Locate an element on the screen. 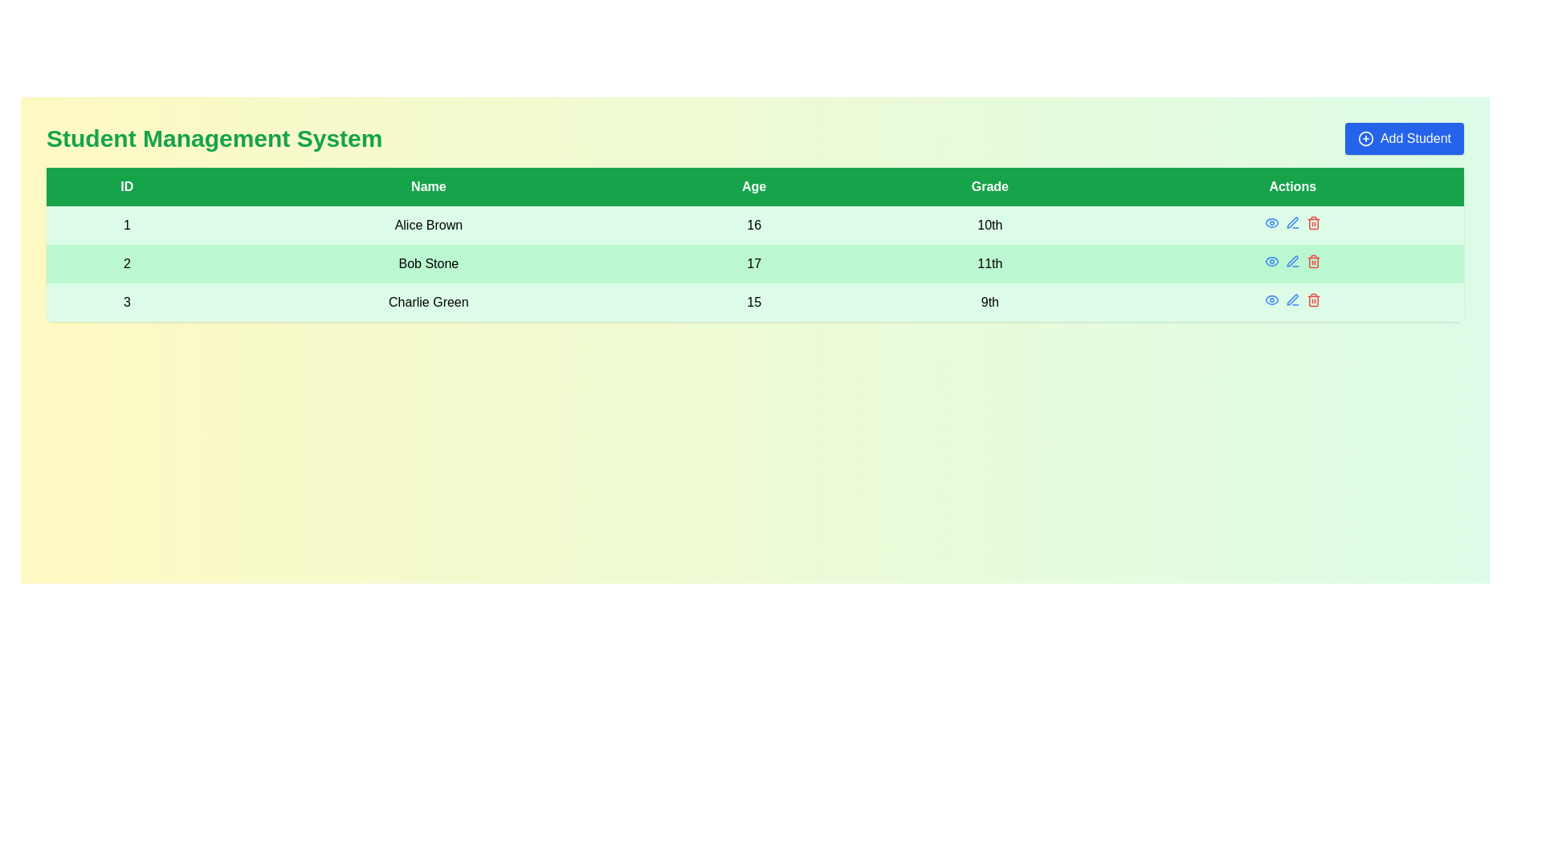 Image resolution: width=1542 pixels, height=867 pixels. the rectangular button with a blue background and white text labeled 'Add Student' to initiate the adding process is located at coordinates (1403, 138).